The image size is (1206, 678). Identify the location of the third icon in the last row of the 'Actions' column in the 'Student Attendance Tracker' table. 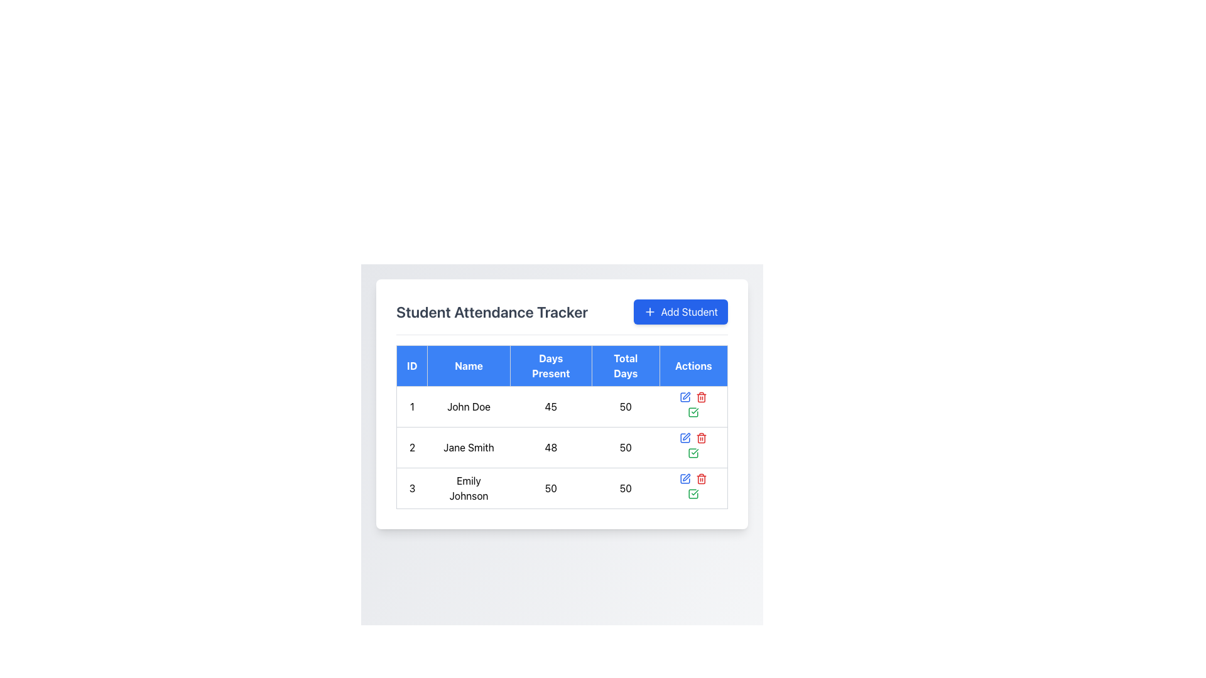
(693, 488).